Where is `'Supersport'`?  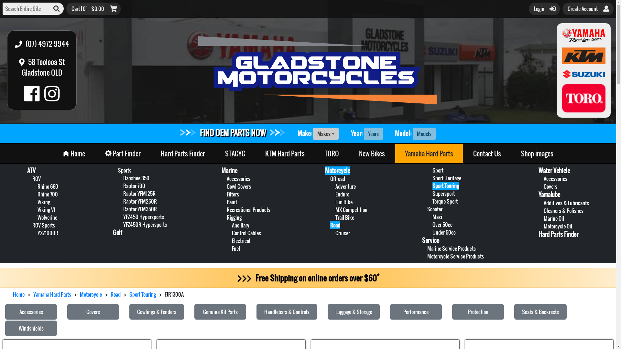
'Supersport' is located at coordinates (432, 193).